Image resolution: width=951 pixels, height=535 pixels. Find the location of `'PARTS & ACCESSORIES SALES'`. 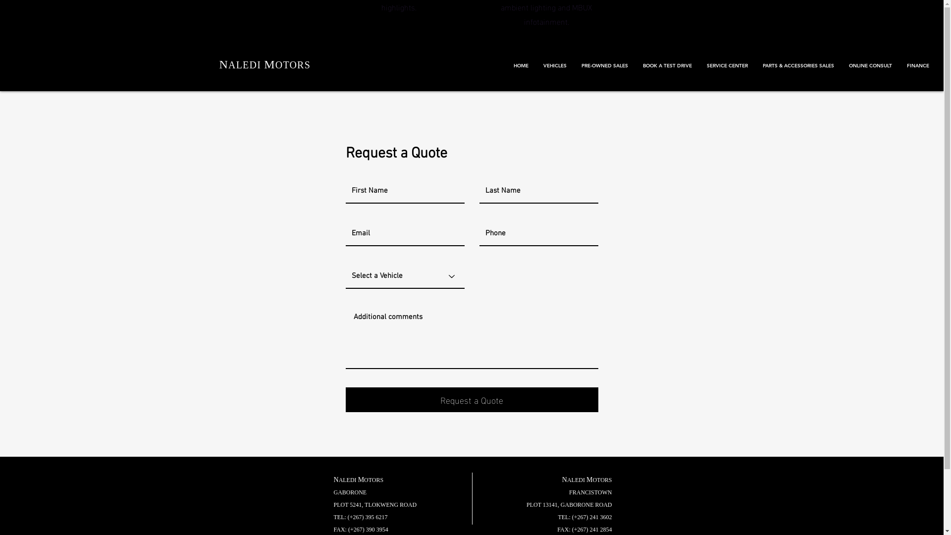

'PARTS & ACCESSORIES SALES' is located at coordinates (798, 65).